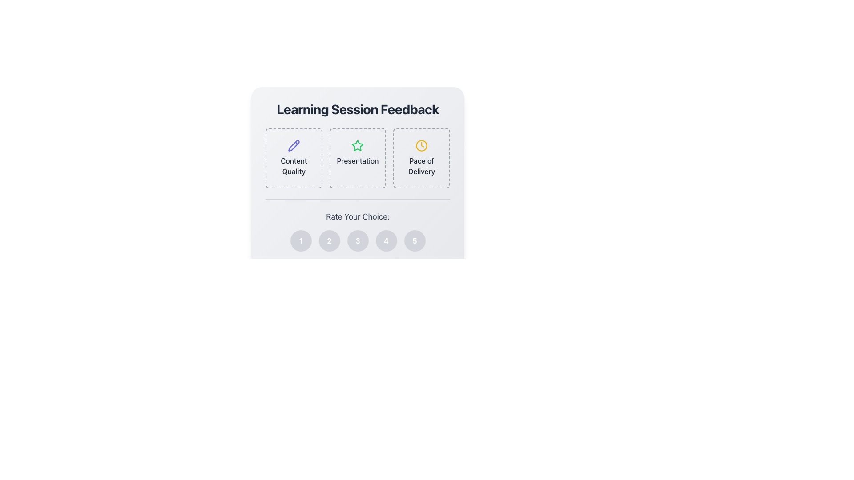  I want to click on the graphical icon resembling a pencil, which indicates an edit function and is labeled 'Content Quality' below it, so click(294, 145).